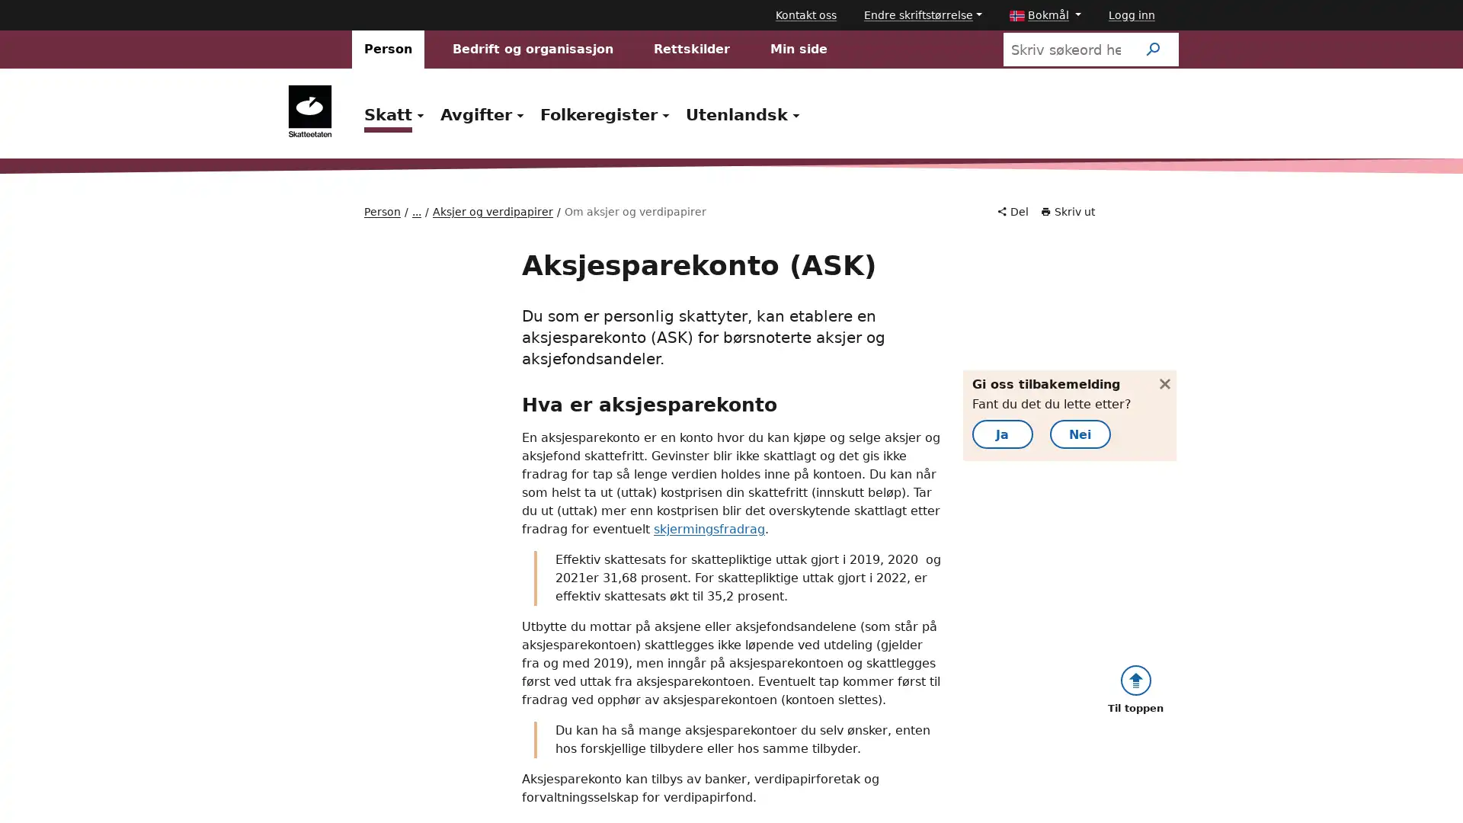 This screenshot has width=1463, height=823. Describe the element at coordinates (690, 49) in the screenshot. I see `Rettskilder` at that location.